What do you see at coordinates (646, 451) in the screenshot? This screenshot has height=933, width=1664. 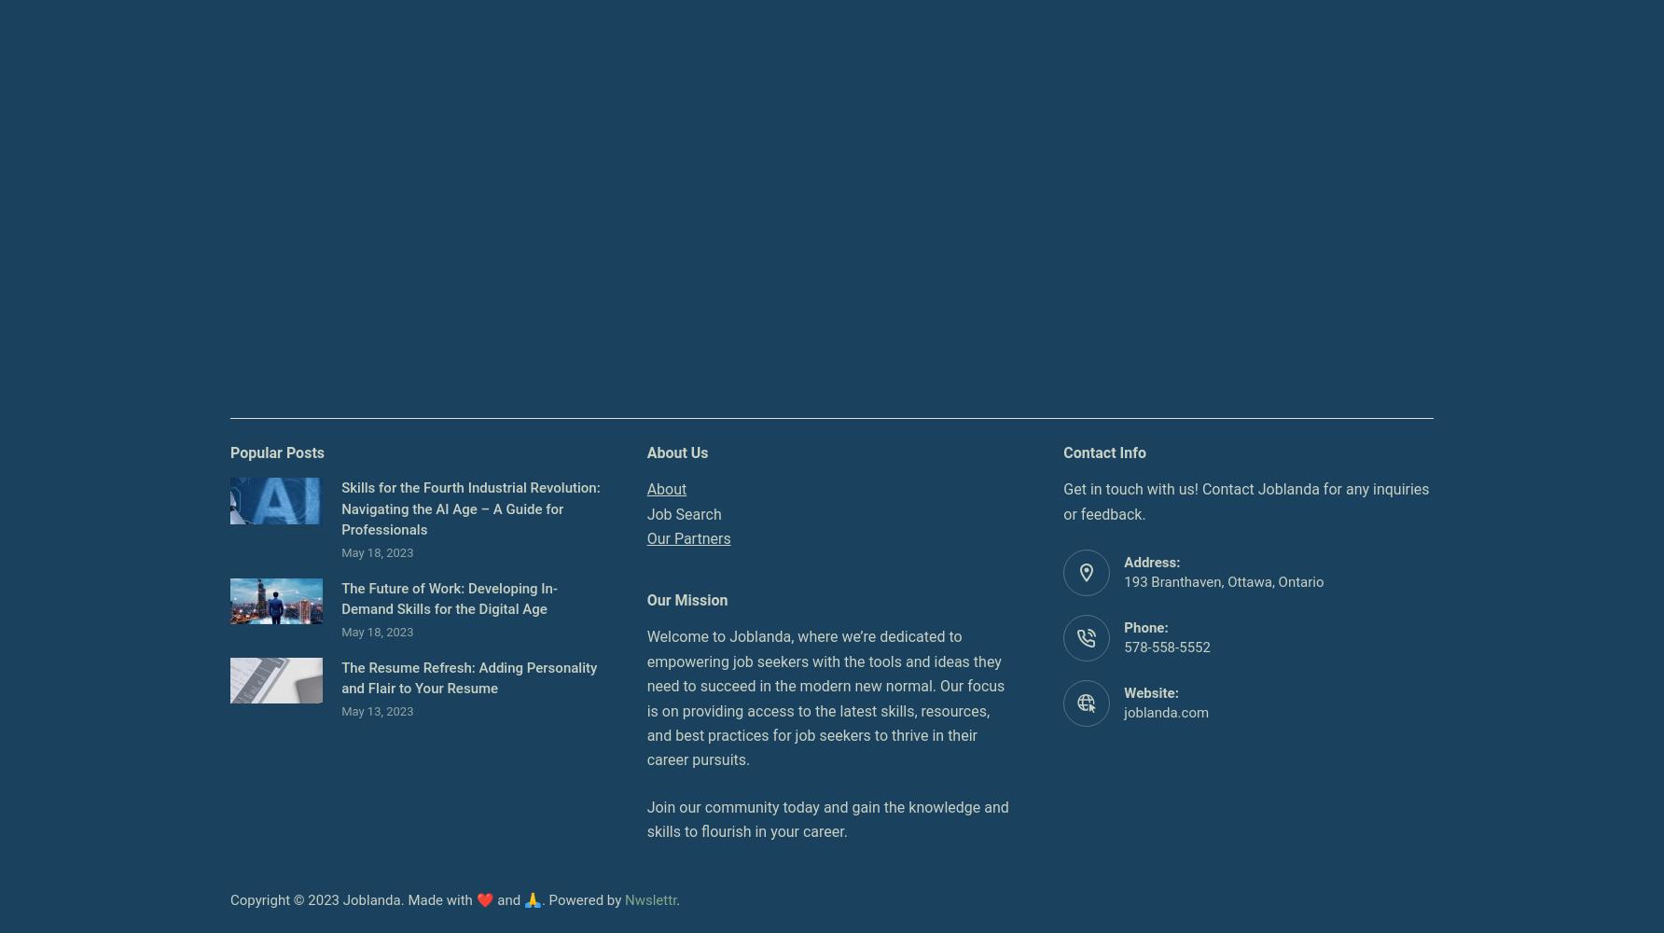 I see `'About Us'` at bounding box center [646, 451].